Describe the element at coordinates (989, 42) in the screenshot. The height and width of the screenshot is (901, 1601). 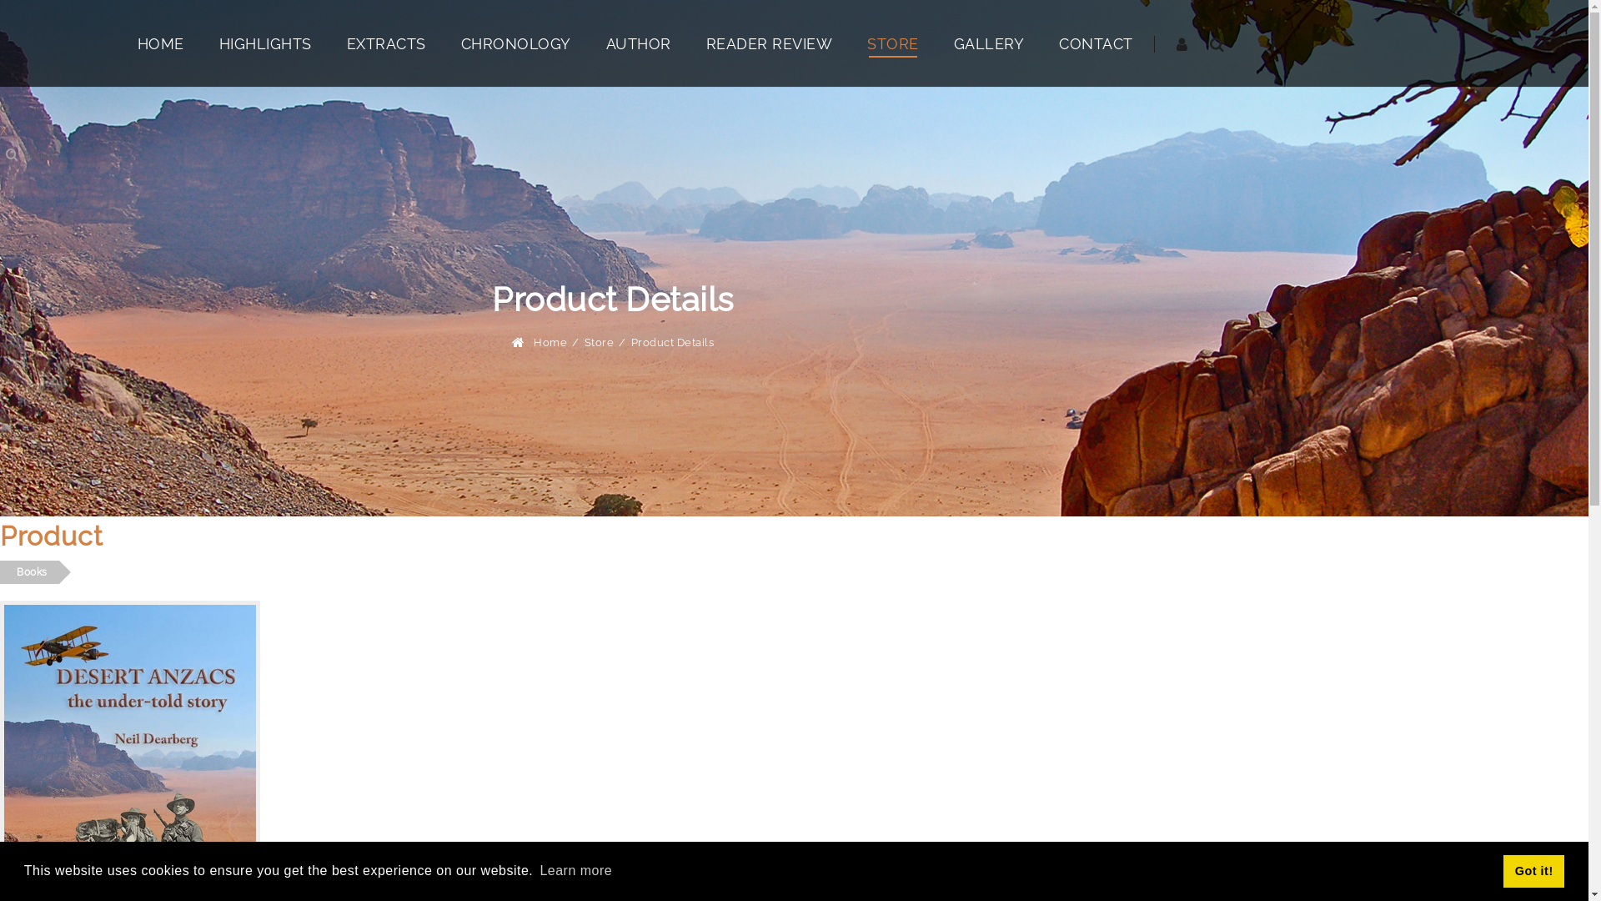
I see `'GALLERY'` at that location.